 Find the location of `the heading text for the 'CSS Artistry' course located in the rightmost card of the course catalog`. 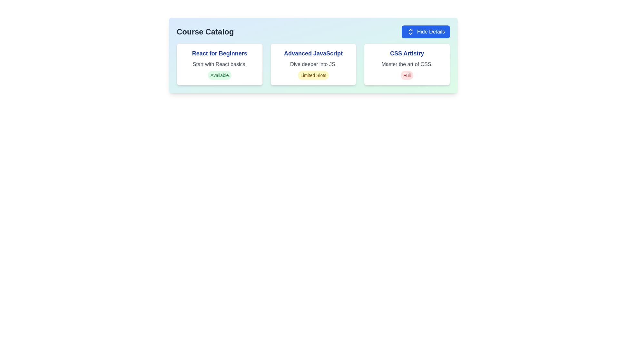

the heading text for the 'CSS Artistry' course located in the rightmost card of the course catalog is located at coordinates (407, 53).